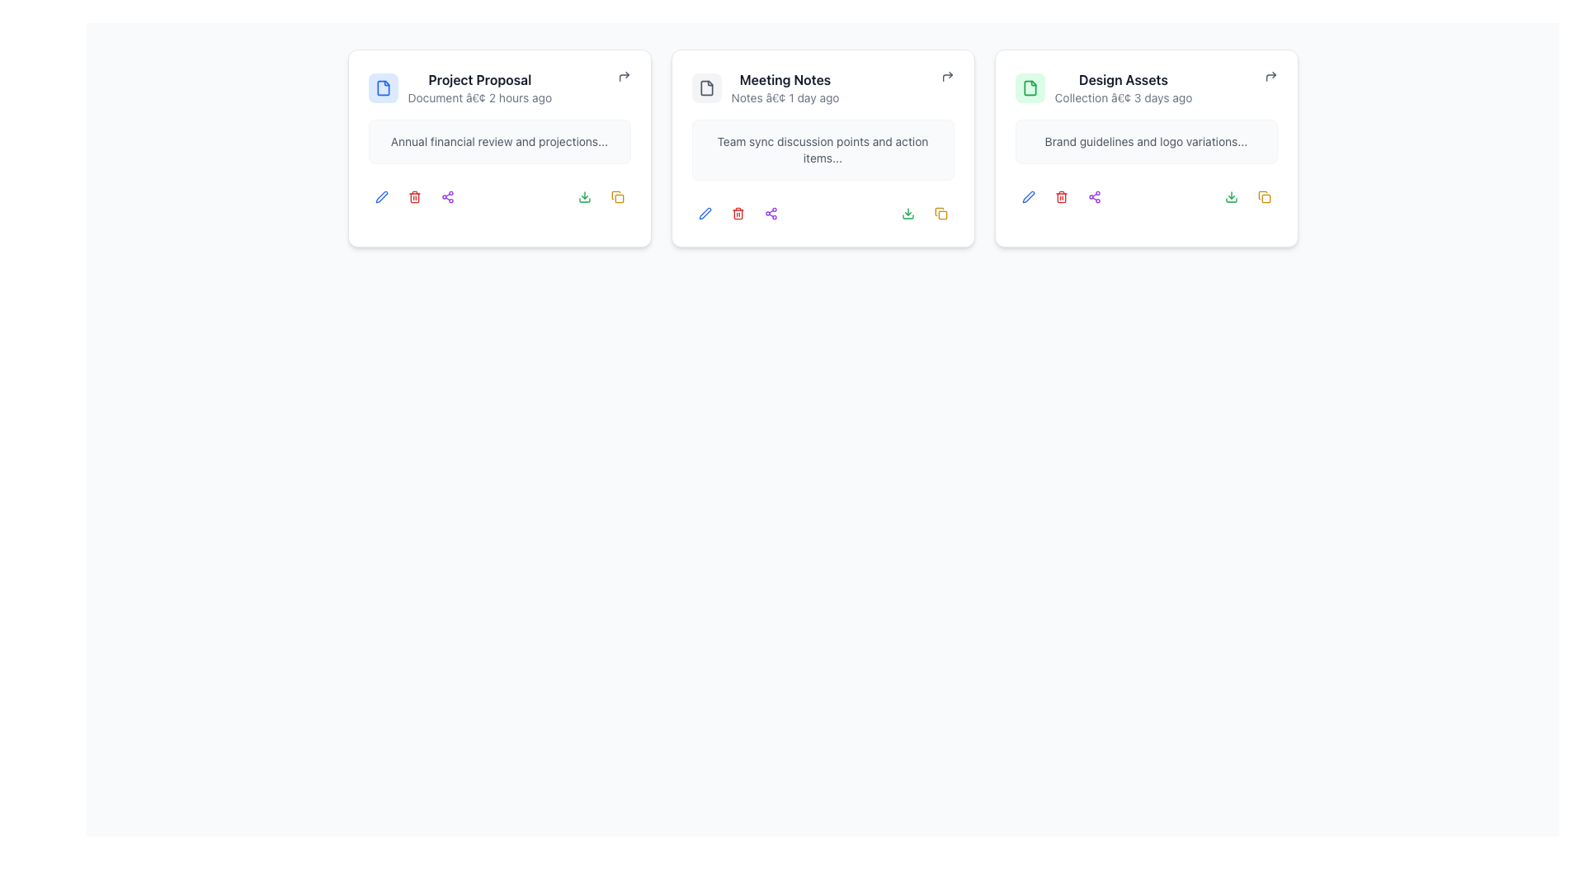 The height and width of the screenshot is (891, 1584). Describe the element at coordinates (784, 79) in the screenshot. I see `text of the heading labeled 'Meeting Notes', which is styled in bold with a dark gray font and located at the top center of the second card in a series of three cards` at that location.